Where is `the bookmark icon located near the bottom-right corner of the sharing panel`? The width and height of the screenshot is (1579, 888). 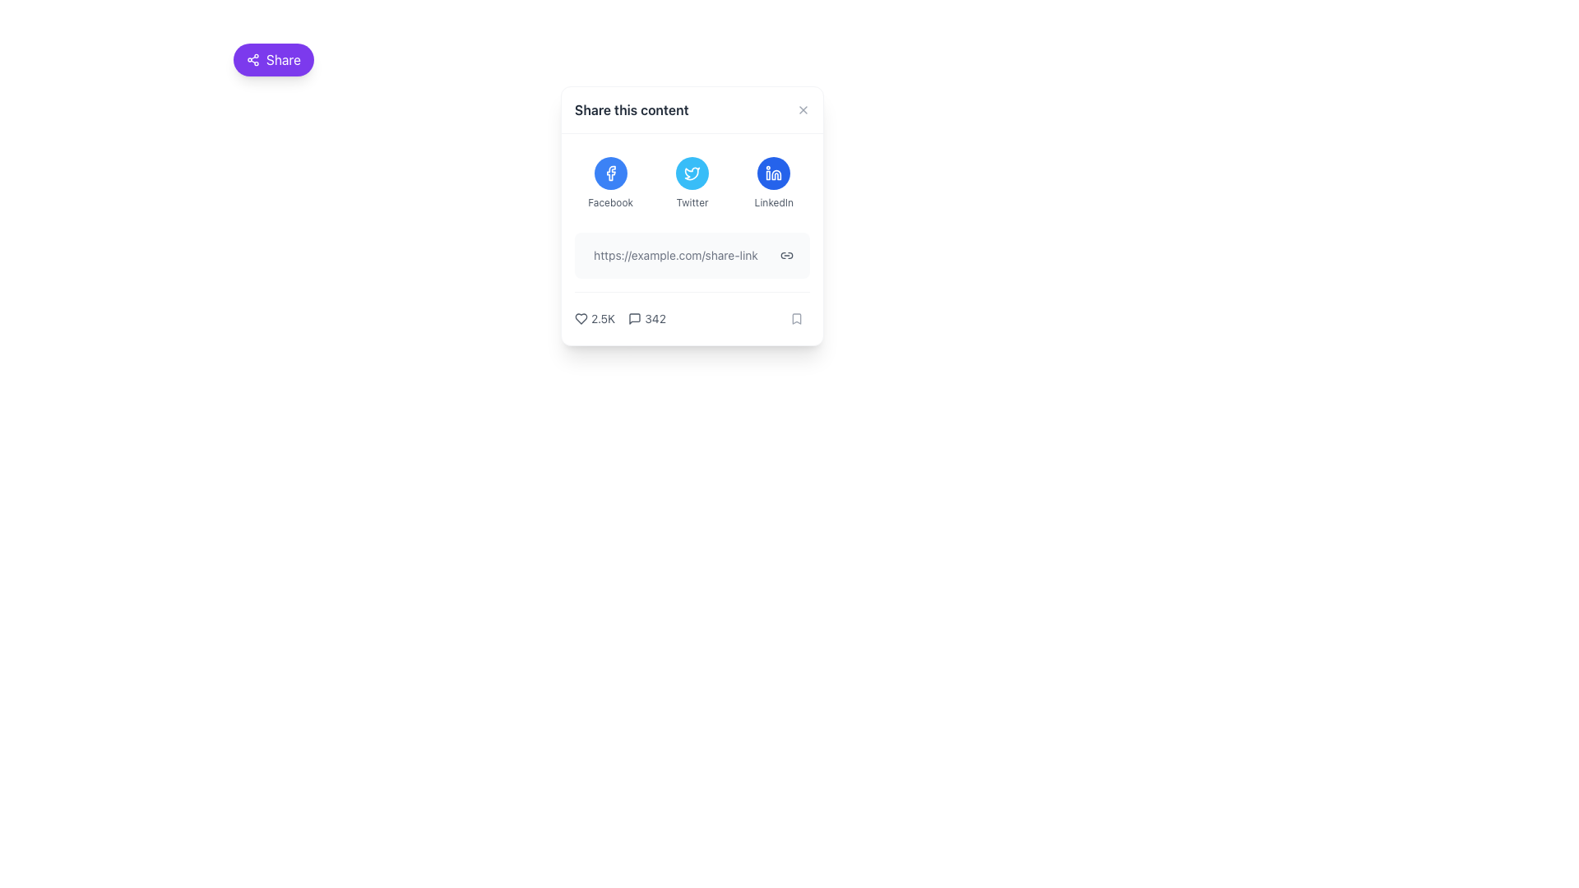
the bookmark icon located near the bottom-right corner of the sharing panel is located at coordinates (797, 319).